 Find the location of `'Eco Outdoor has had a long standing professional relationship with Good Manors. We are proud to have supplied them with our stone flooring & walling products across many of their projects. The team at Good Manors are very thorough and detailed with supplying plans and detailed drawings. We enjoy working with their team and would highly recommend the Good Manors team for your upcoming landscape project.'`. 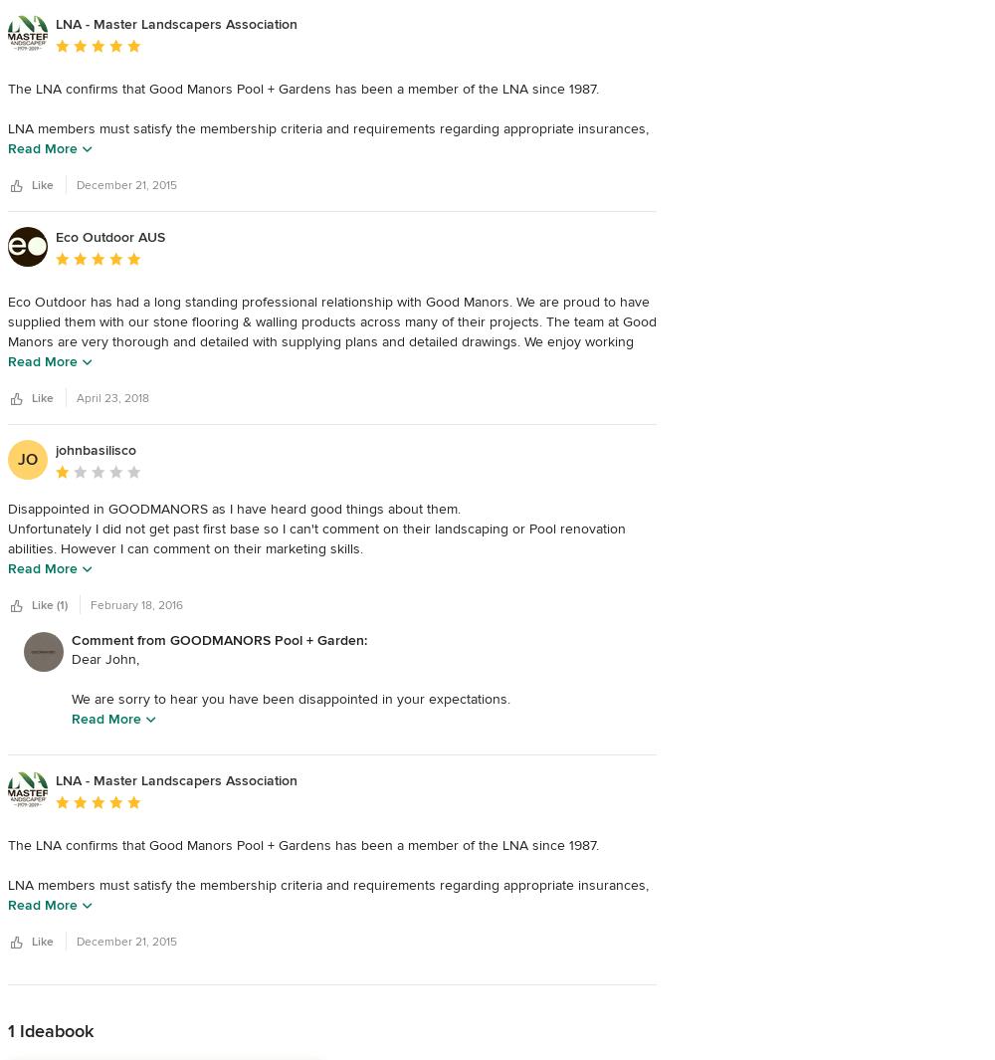

'Eco Outdoor has had a long standing professional relationship with Good Manors. We are proud to have supplied them with our stone flooring & walling products across many of their projects. The team at Good Manors are very thorough and detailed with supplying plans and detailed drawings. We enjoy working with their team and would highly recommend the Good Manors team for your upcoming landscape project.' is located at coordinates (8, 340).